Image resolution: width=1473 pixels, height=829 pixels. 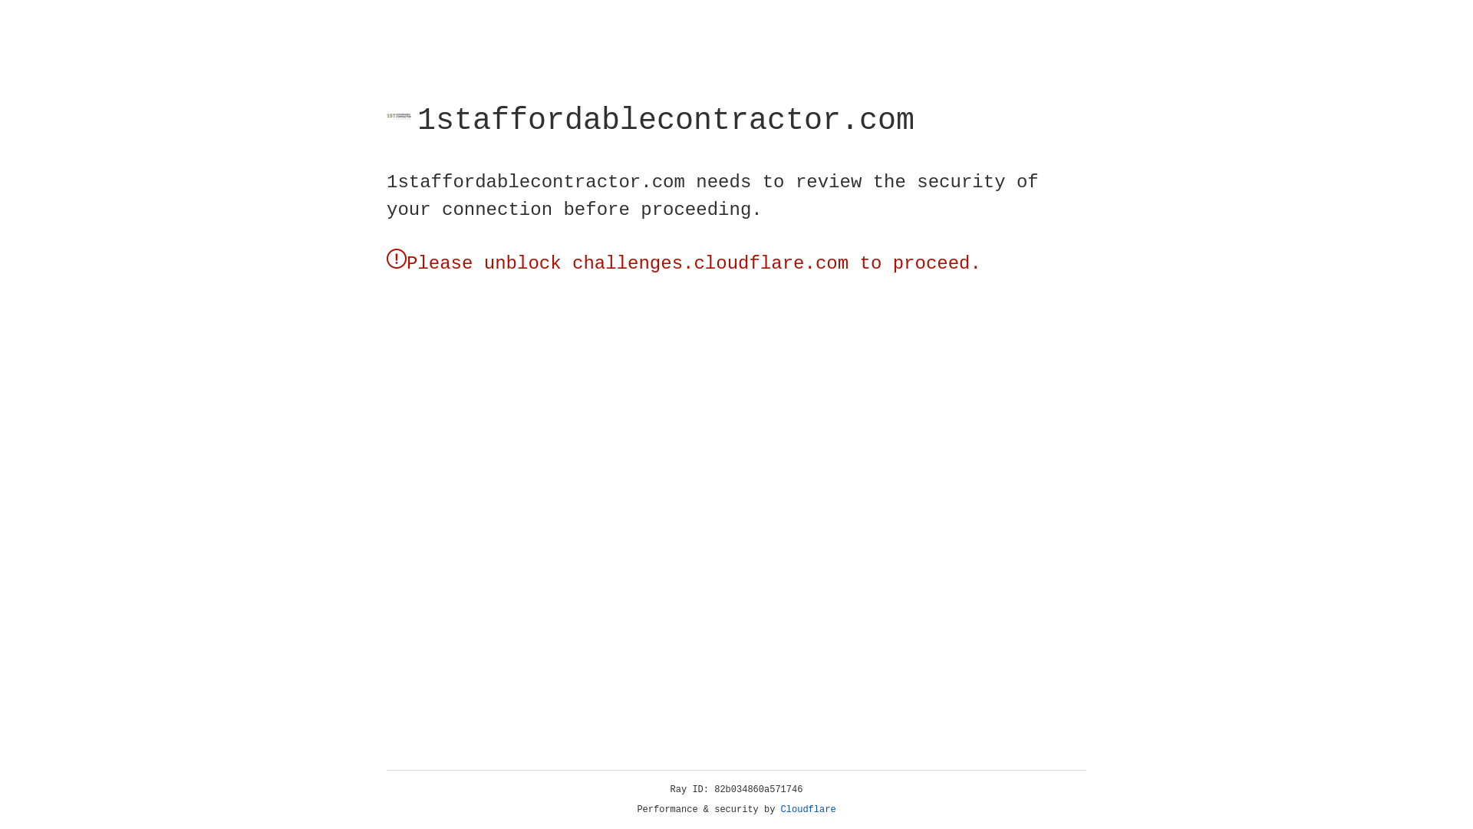 What do you see at coordinates (808, 809) in the screenshot?
I see `'Cloudflare'` at bounding box center [808, 809].